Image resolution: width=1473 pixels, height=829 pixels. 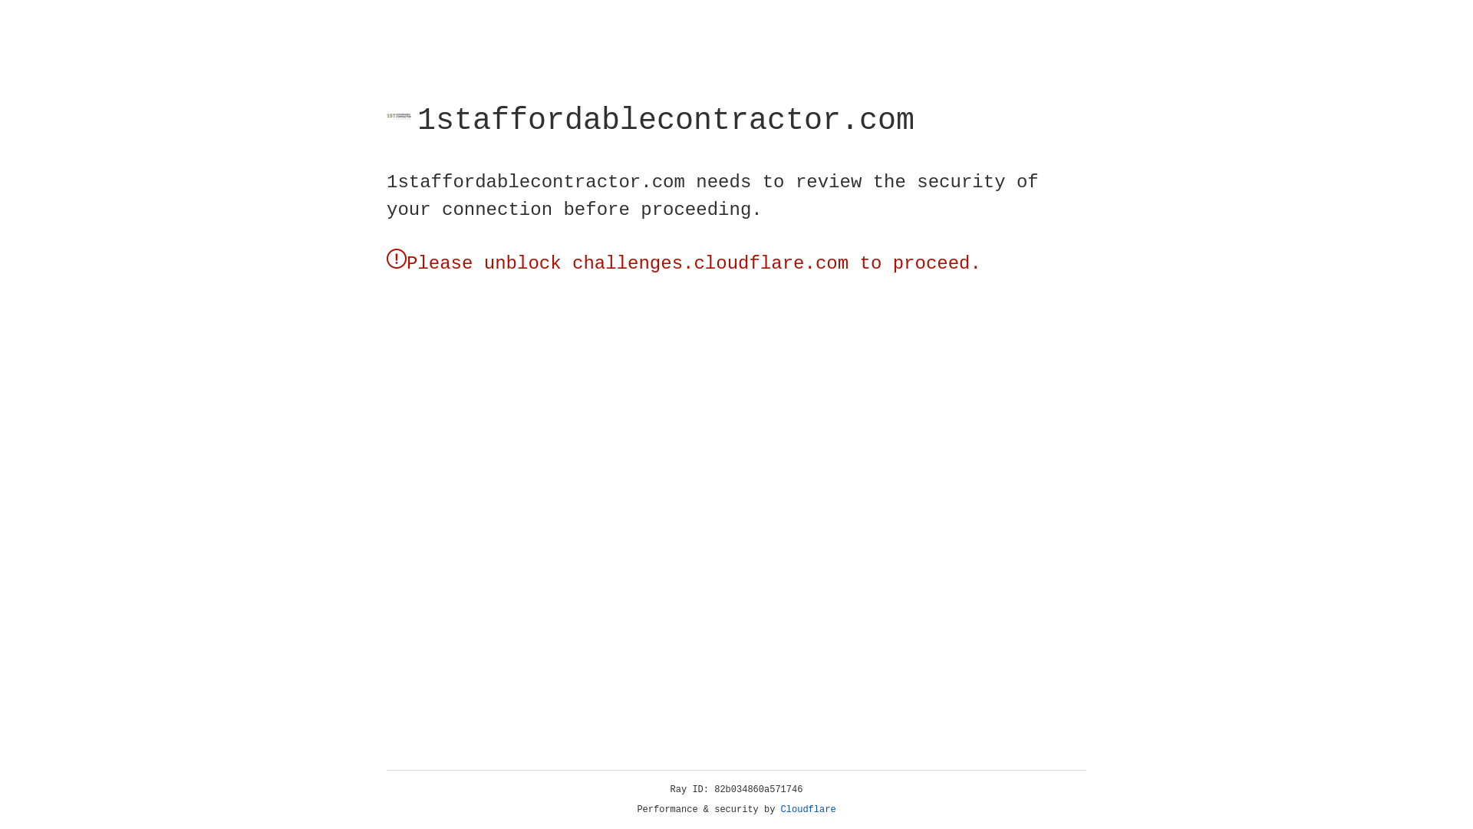 What do you see at coordinates (808, 809) in the screenshot?
I see `'Cloudflare'` at bounding box center [808, 809].